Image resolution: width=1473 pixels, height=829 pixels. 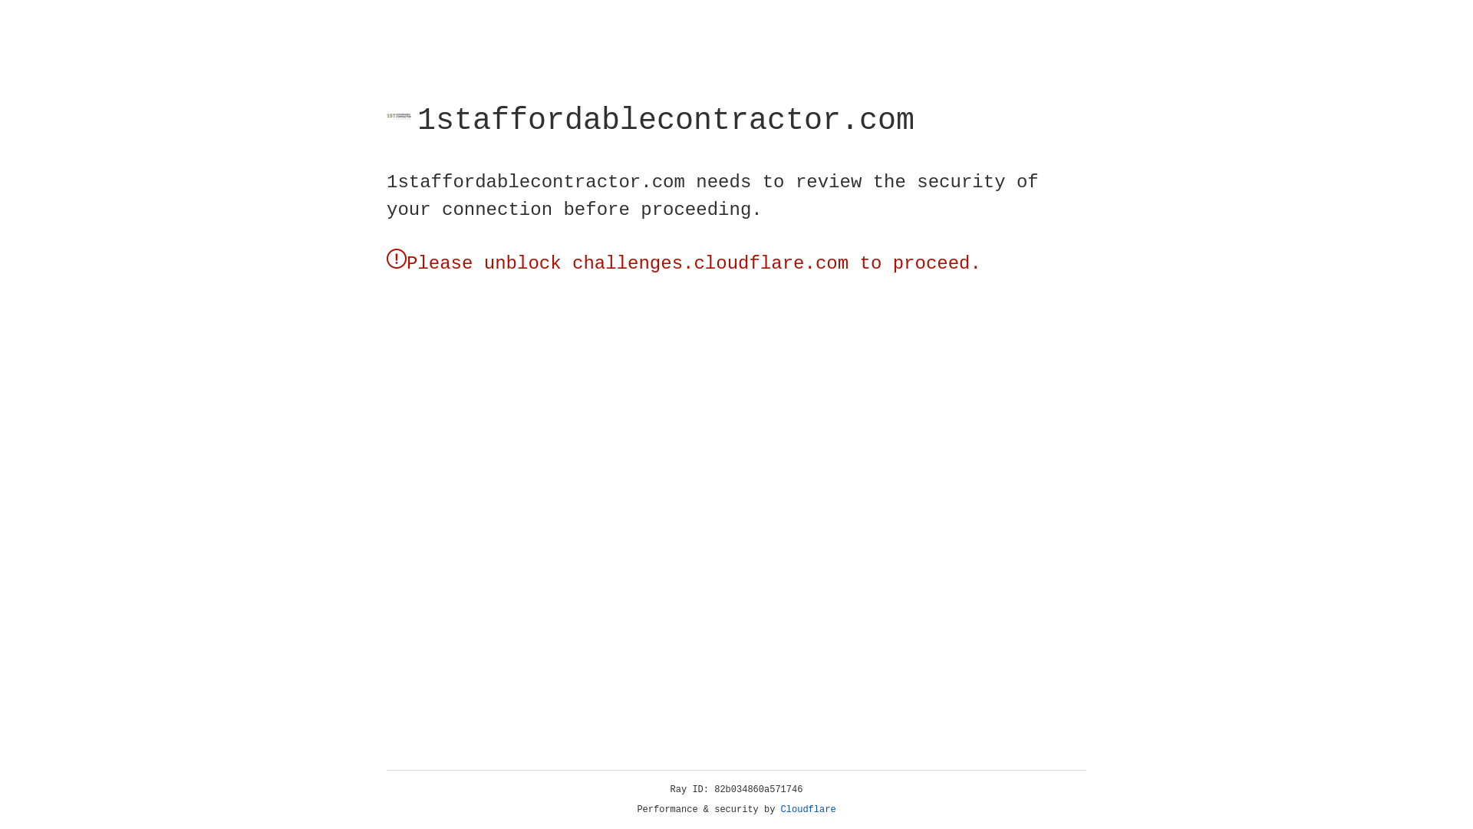 What do you see at coordinates (808, 809) in the screenshot?
I see `'Cloudflare'` at bounding box center [808, 809].